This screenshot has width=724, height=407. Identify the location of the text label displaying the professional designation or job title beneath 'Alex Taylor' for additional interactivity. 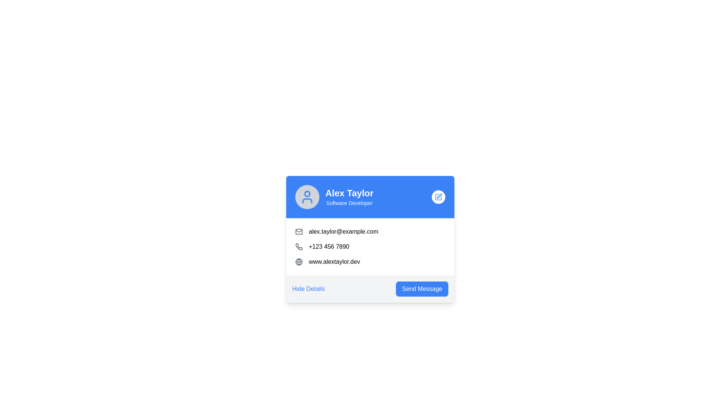
(349, 203).